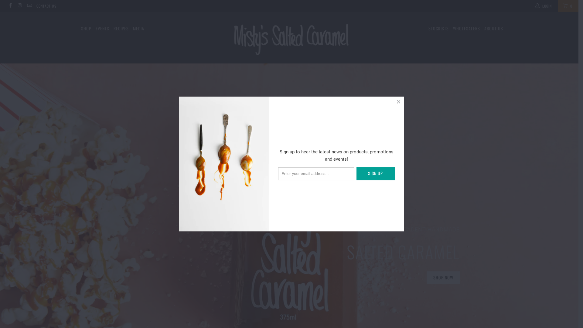 The width and height of the screenshot is (583, 328). What do you see at coordinates (558, 6) in the screenshot?
I see `'0'` at bounding box center [558, 6].